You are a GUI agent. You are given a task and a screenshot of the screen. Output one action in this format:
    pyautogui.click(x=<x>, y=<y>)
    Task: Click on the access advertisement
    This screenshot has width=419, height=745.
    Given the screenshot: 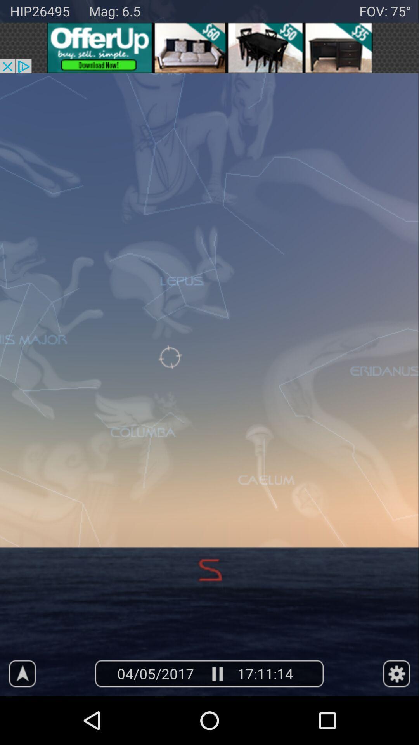 What is the action you would take?
    pyautogui.click(x=209, y=47)
    